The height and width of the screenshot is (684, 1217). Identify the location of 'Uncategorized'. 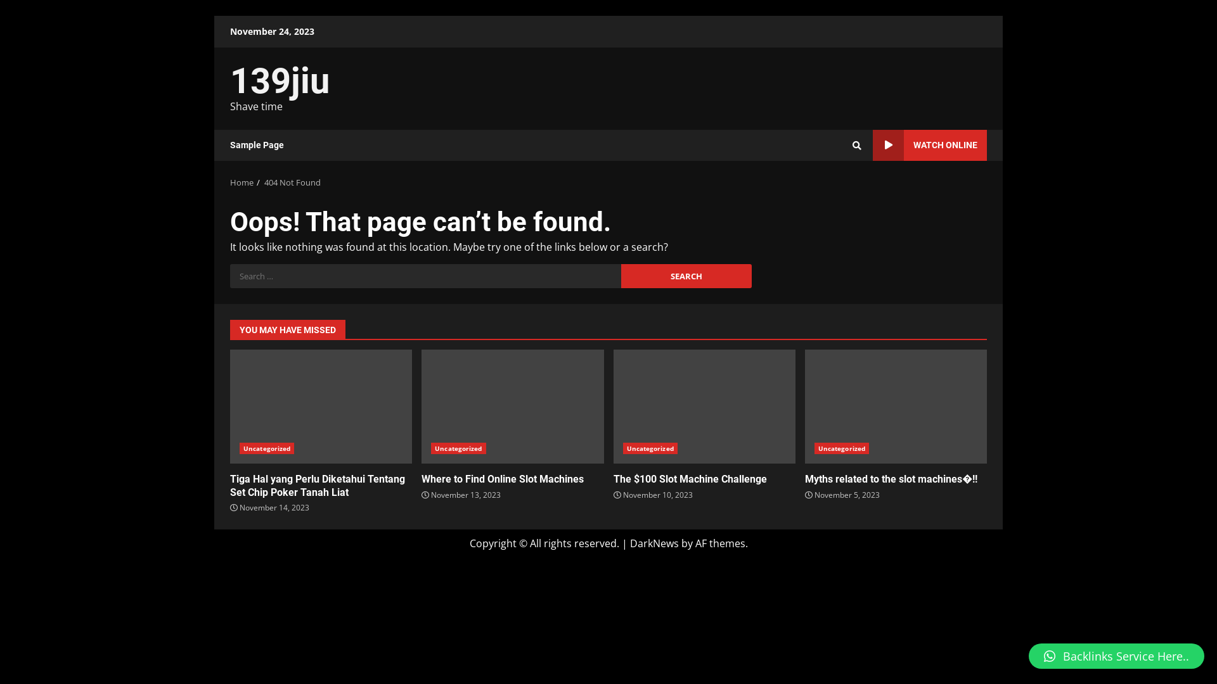
(431, 448).